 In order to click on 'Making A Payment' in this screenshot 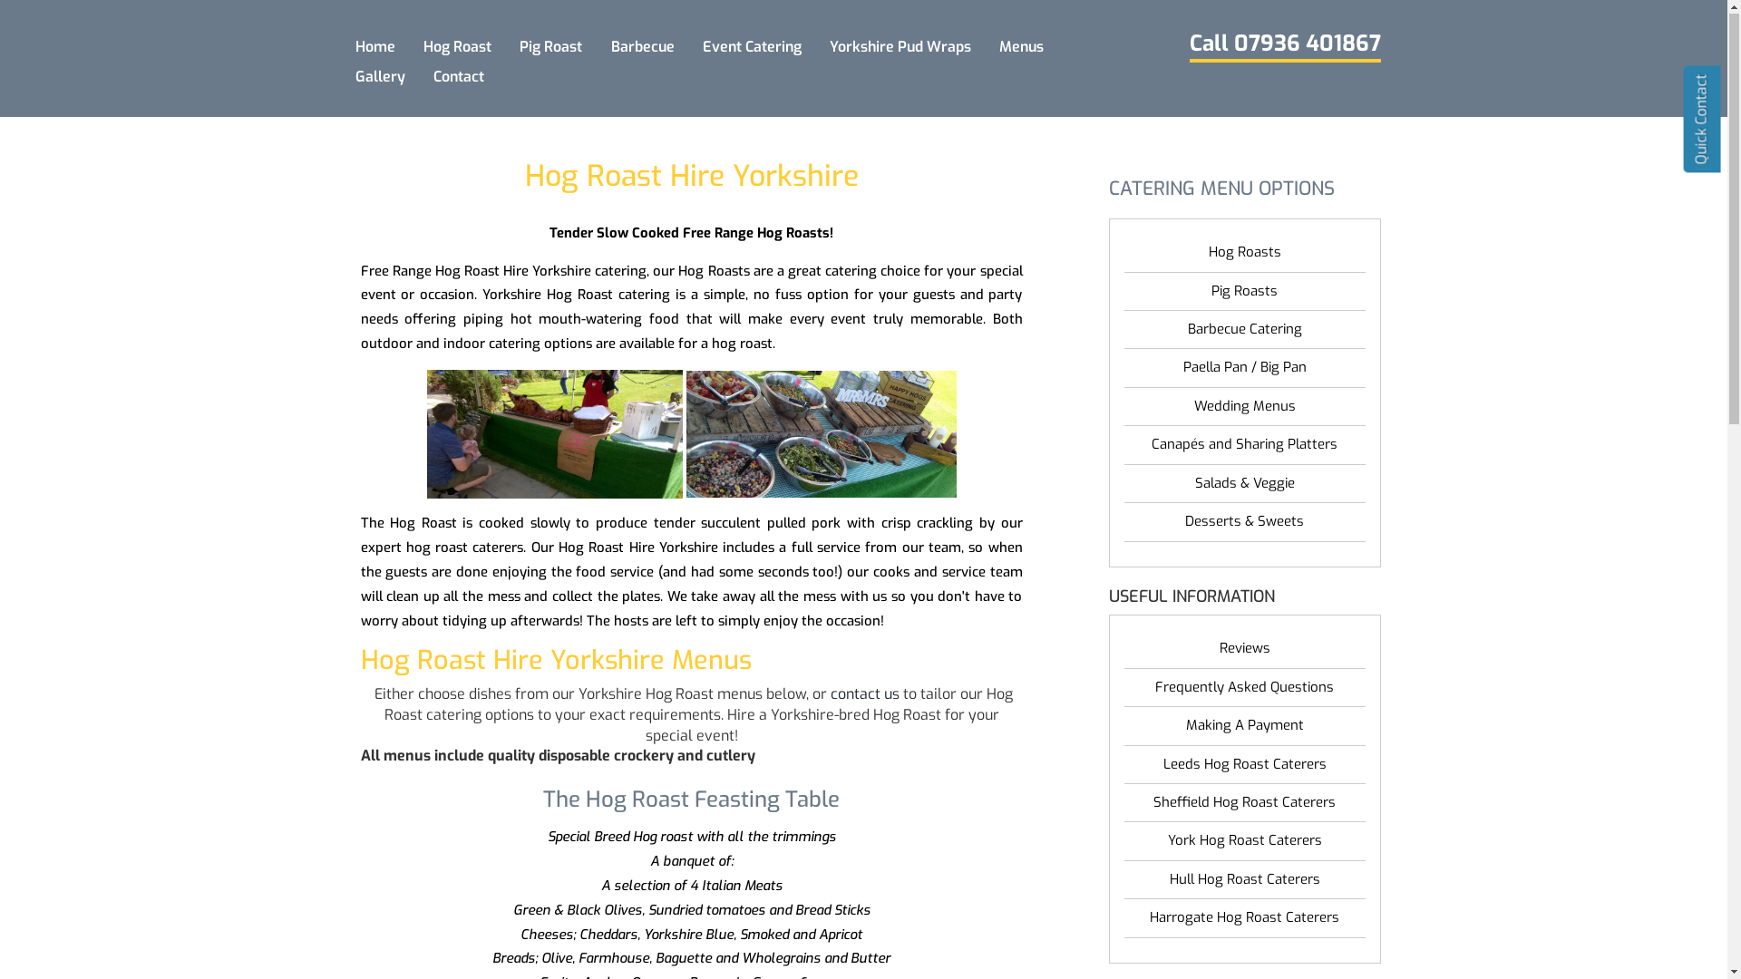, I will do `click(1123, 725)`.